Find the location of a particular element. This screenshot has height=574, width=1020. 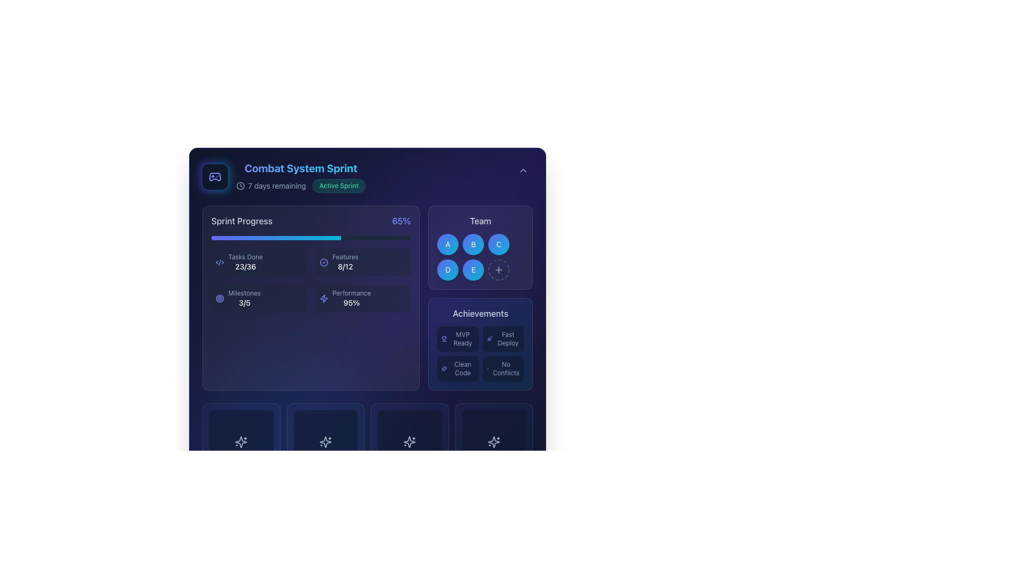

the achievement card in the 'Achievements' section is located at coordinates (480, 298).